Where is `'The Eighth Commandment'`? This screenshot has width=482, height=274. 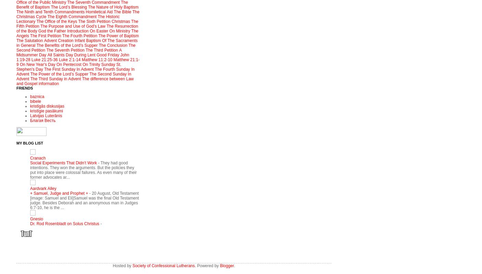
'The Eighth Commandment' is located at coordinates (71, 16).